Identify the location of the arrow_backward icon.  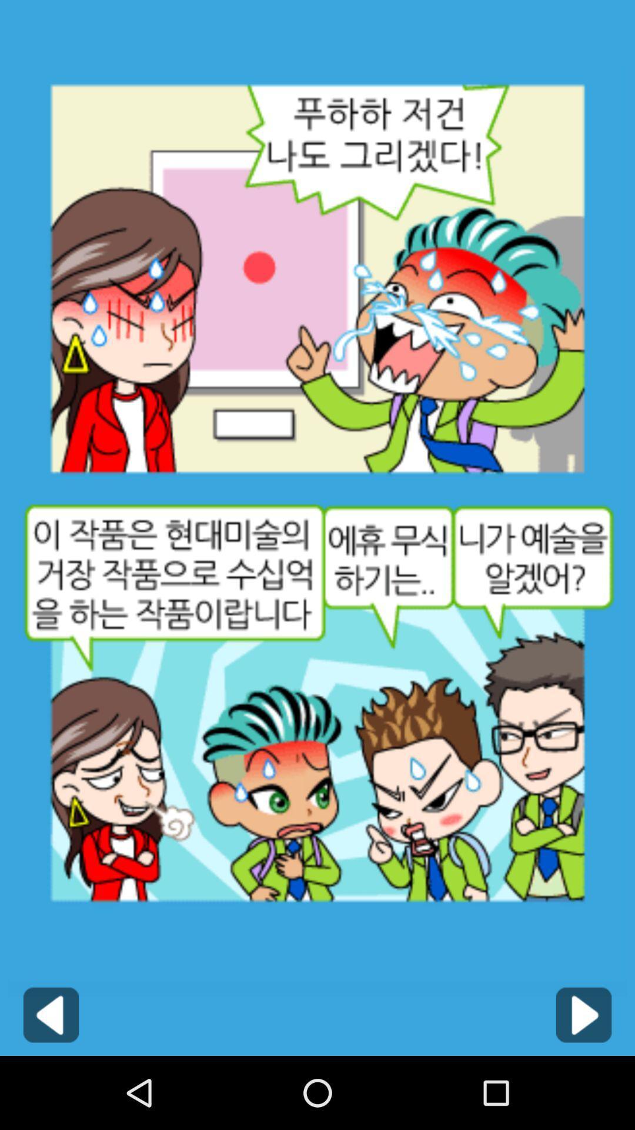
(51, 1085).